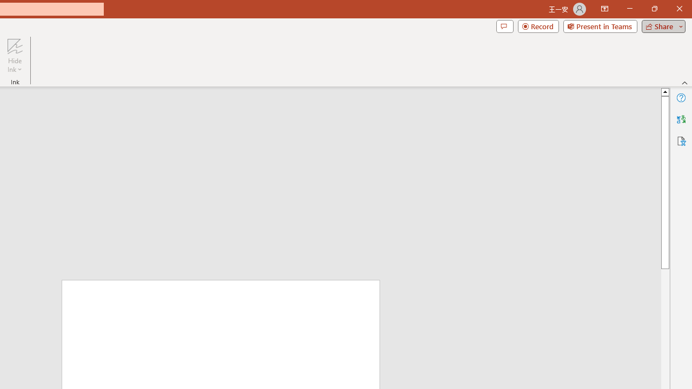 The width and height of the screenshot is (692, 389). What do you see at coordinates (15, 56) in the screenshot?
I see `'Hide Ink'` at bounding box center [15, 56].